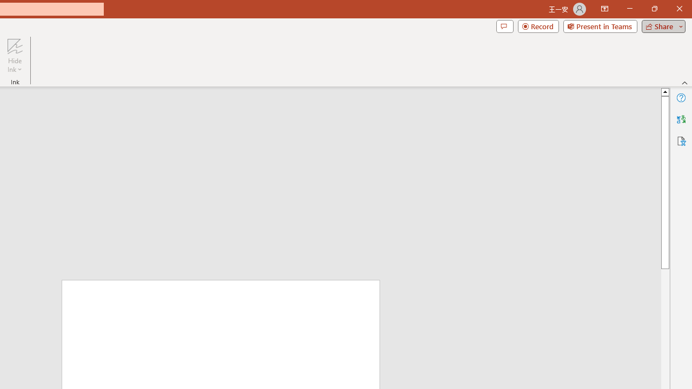 The width and height of the screenshot is (692, 389). What do you see at coordinates (15, 56) in the screenshot?
I see `'Hide Ink'` at bounding box center [15, 56].